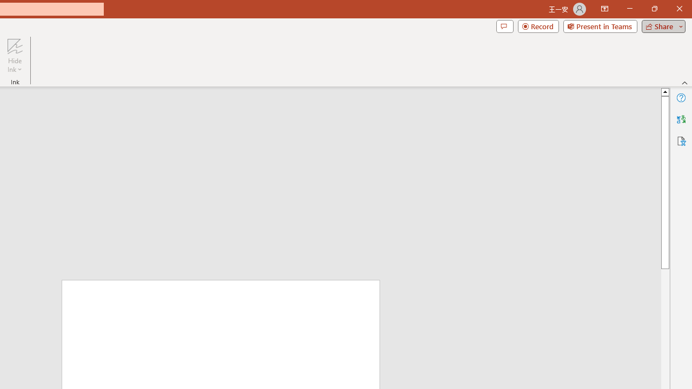 The width and height of the screenshot is (692, 389). What do you see at coordinates (15, 56) in the screenshot?
I see `'Hide Ink'` at bounding box center [15, 56].